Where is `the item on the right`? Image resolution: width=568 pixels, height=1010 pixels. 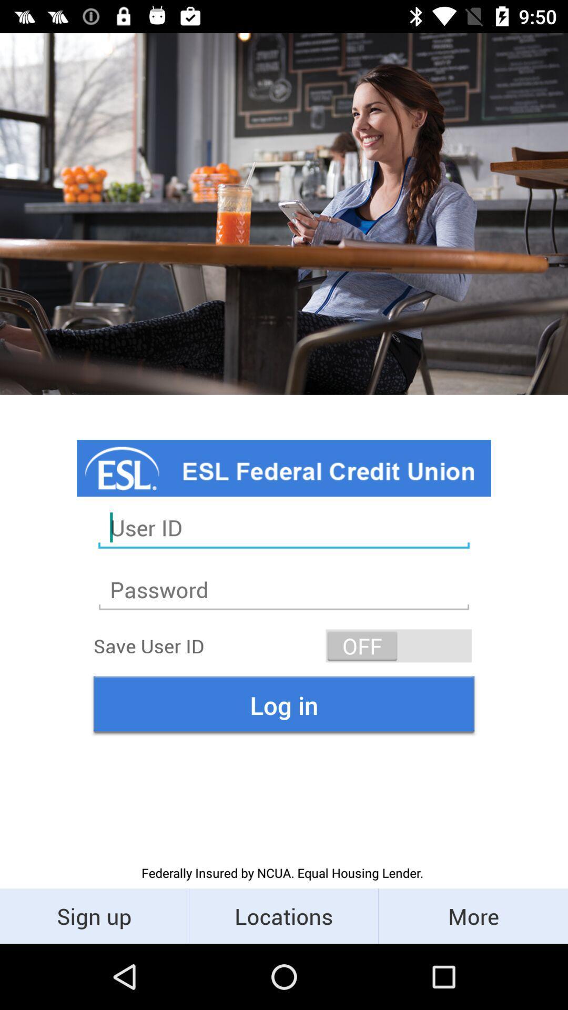 the item on the right is located at coordinates (399, 645).